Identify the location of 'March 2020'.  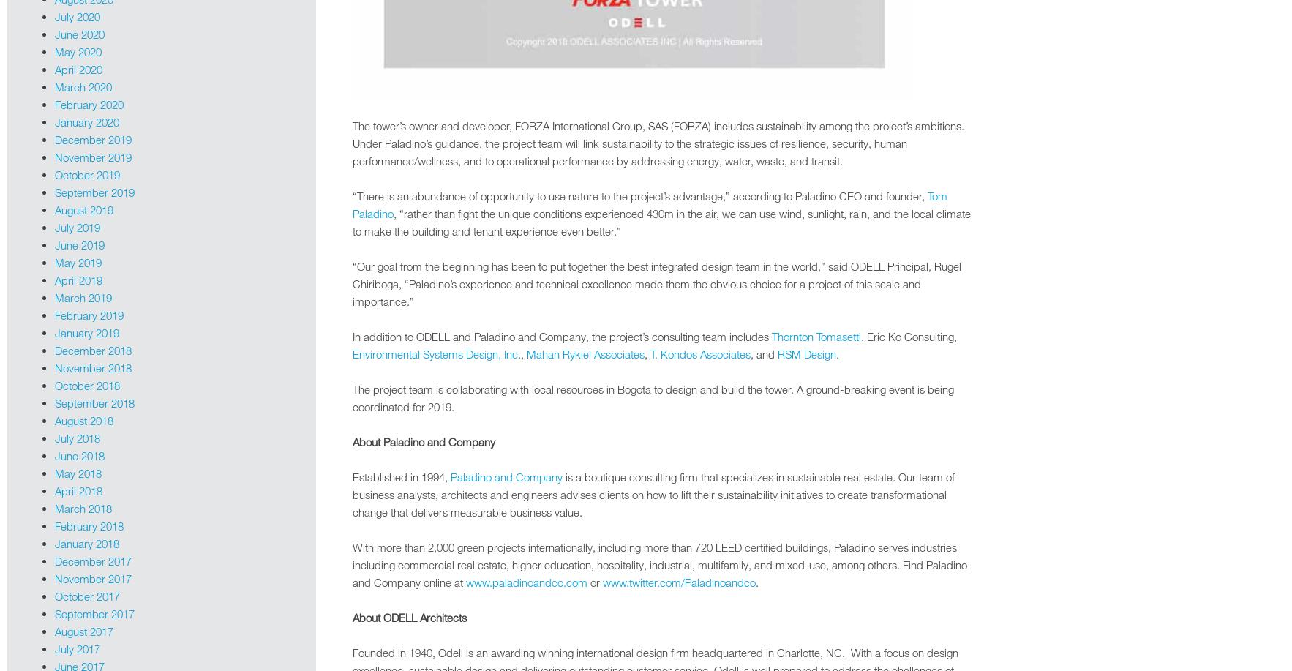
(83, 86).